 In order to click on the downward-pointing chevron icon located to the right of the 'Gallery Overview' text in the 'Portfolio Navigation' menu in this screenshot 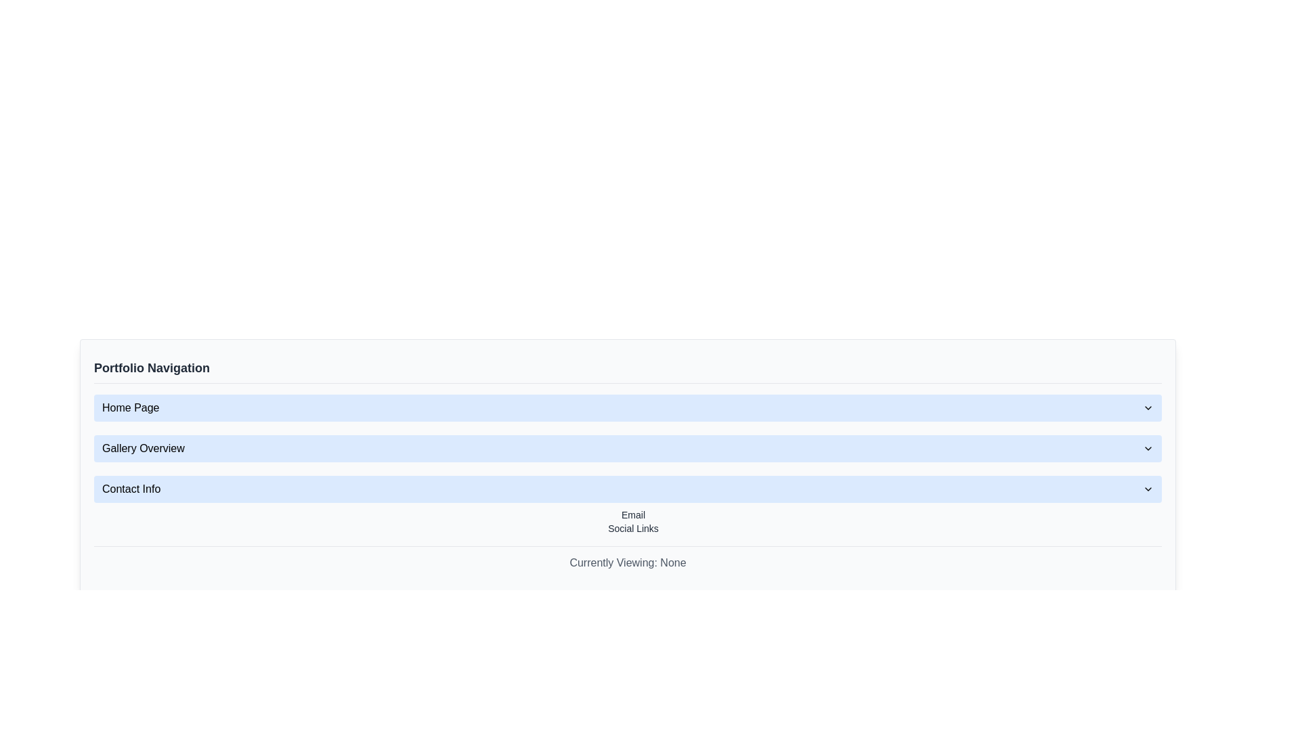, I will do `click(1147, 449)`.